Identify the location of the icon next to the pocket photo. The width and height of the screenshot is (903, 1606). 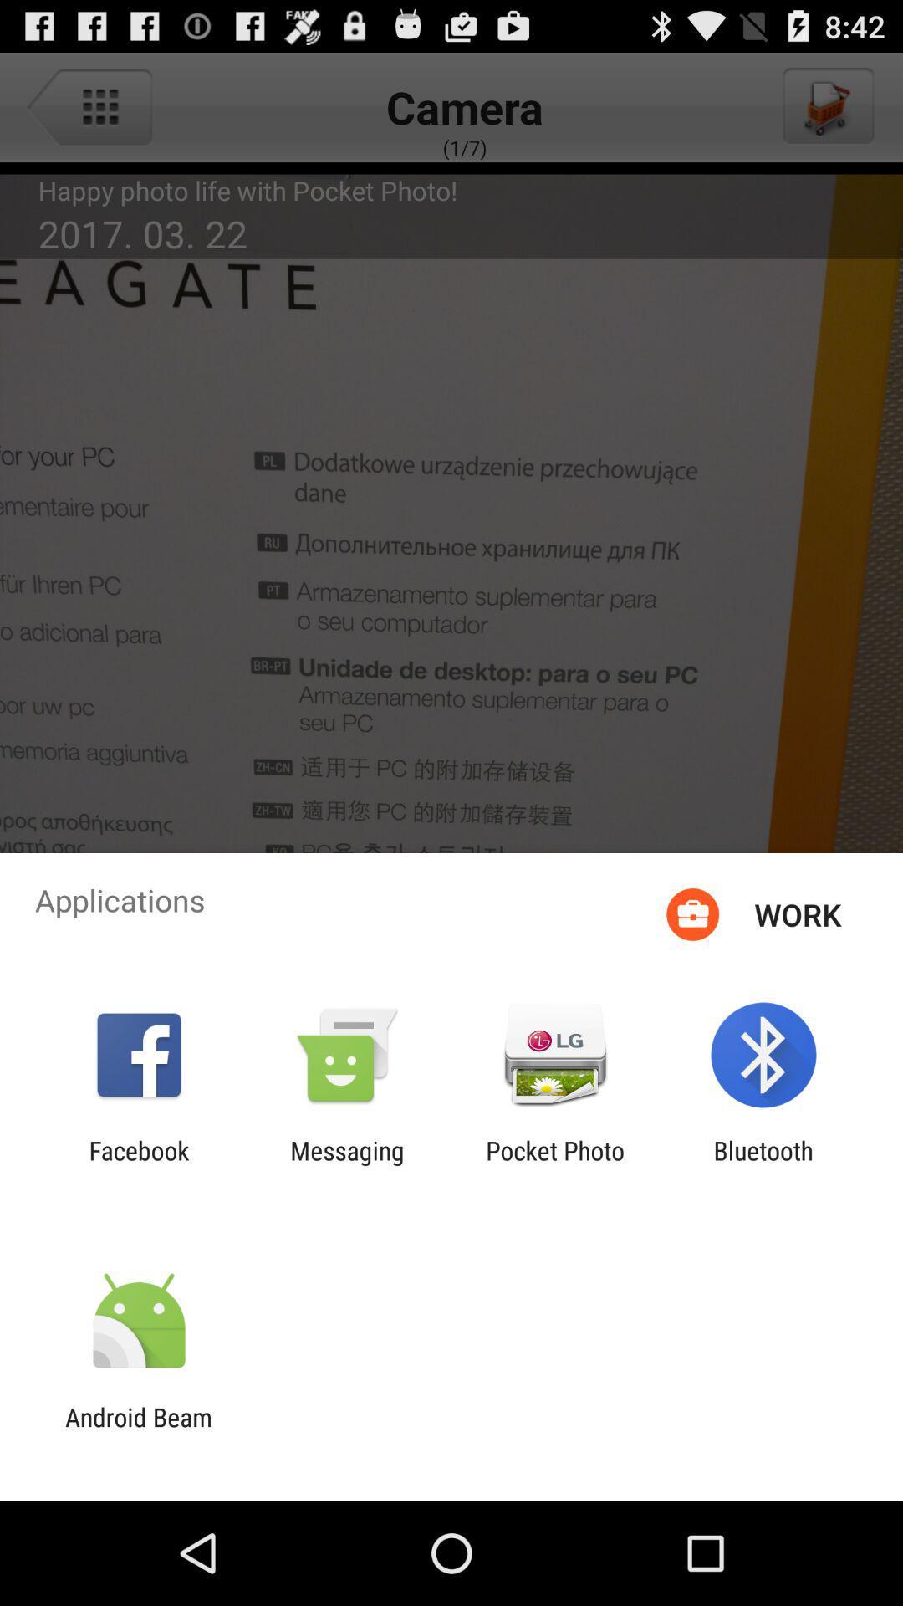
(763, 1164).